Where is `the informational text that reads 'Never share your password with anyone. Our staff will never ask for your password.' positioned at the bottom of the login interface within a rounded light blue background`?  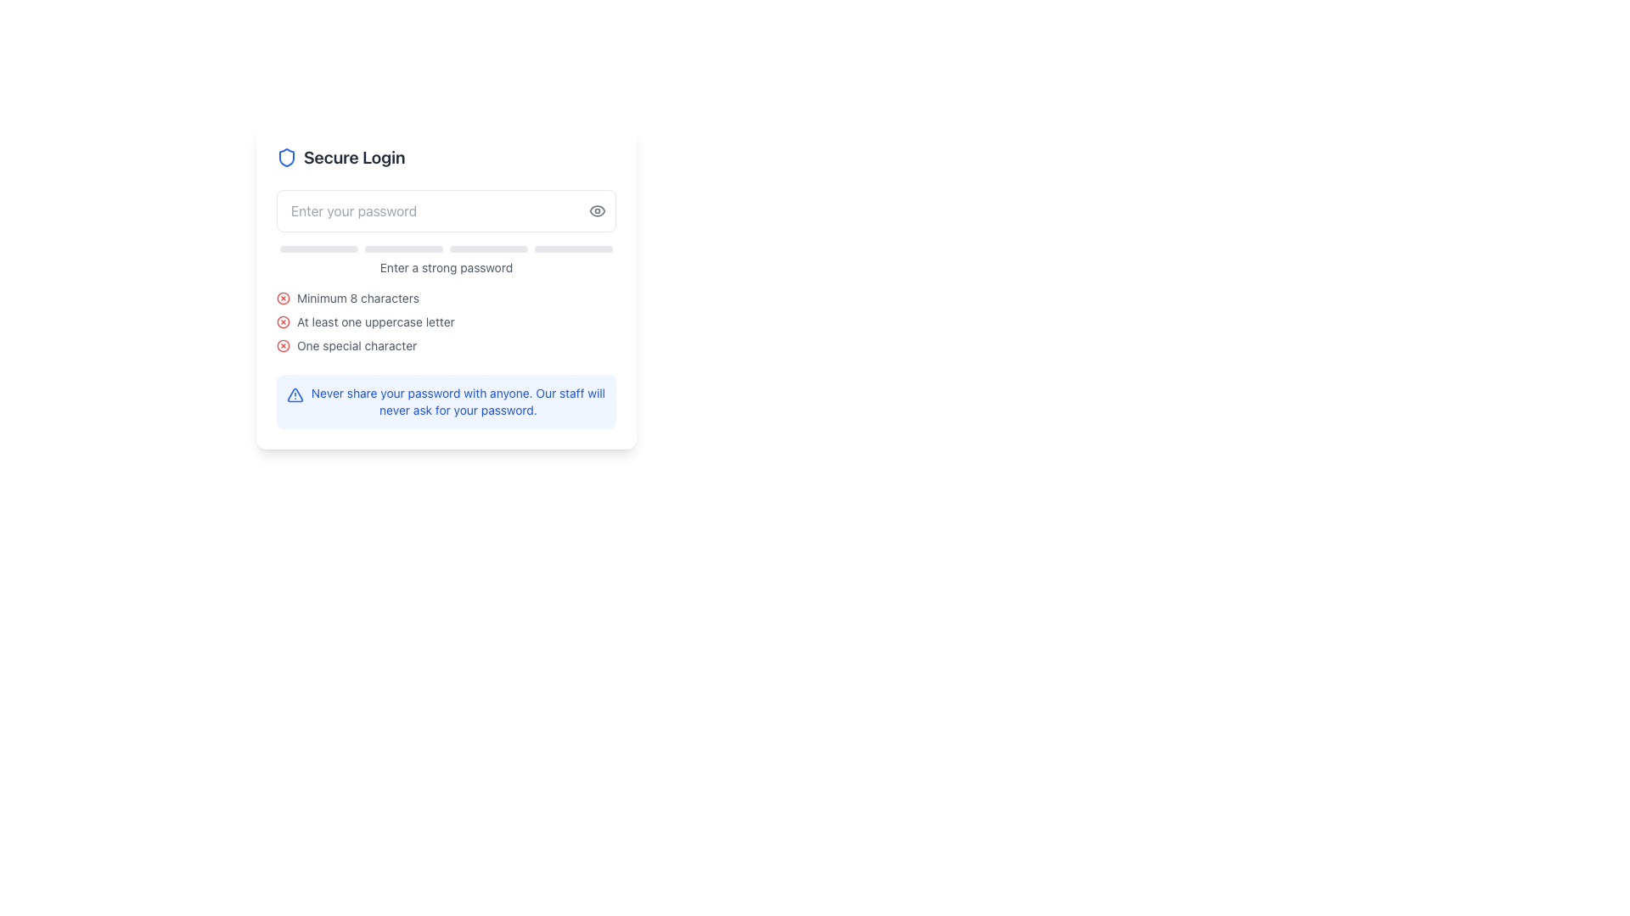 the informational text that reads 'Never share your password with anyone. Our staff will never ask for your password.' positioned at the bottom of the login interface within a rounded light blue background is located at coordinates (458, 402).